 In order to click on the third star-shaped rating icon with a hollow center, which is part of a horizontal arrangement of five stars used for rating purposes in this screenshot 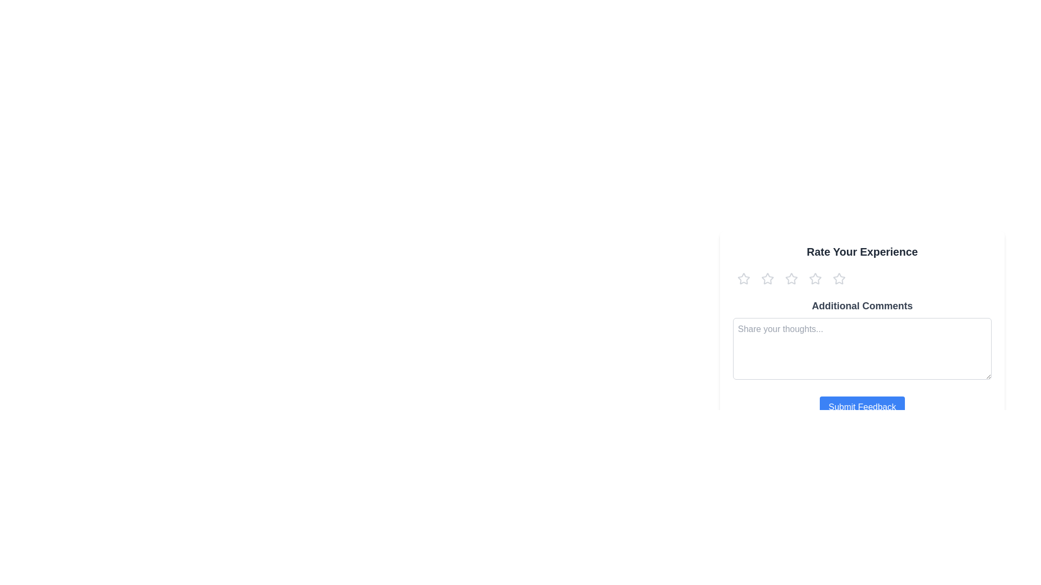, I will do `click(815, 278)`.